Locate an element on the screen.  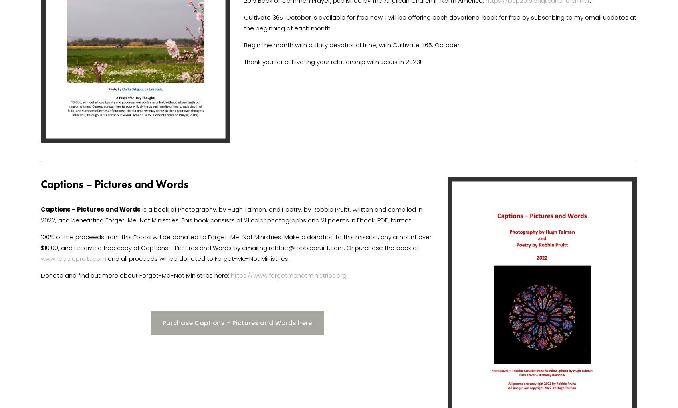
'is a book of Photography, by Hugh Talman, and Poetry, by Robbie Pruitt, written and compiled in 2022, and benefitting Forget-Me-Not Ministries. This book consists of 21 color photographs and 21 poems in Ebook, PDF, format.' is located at coordinates (232, 214).